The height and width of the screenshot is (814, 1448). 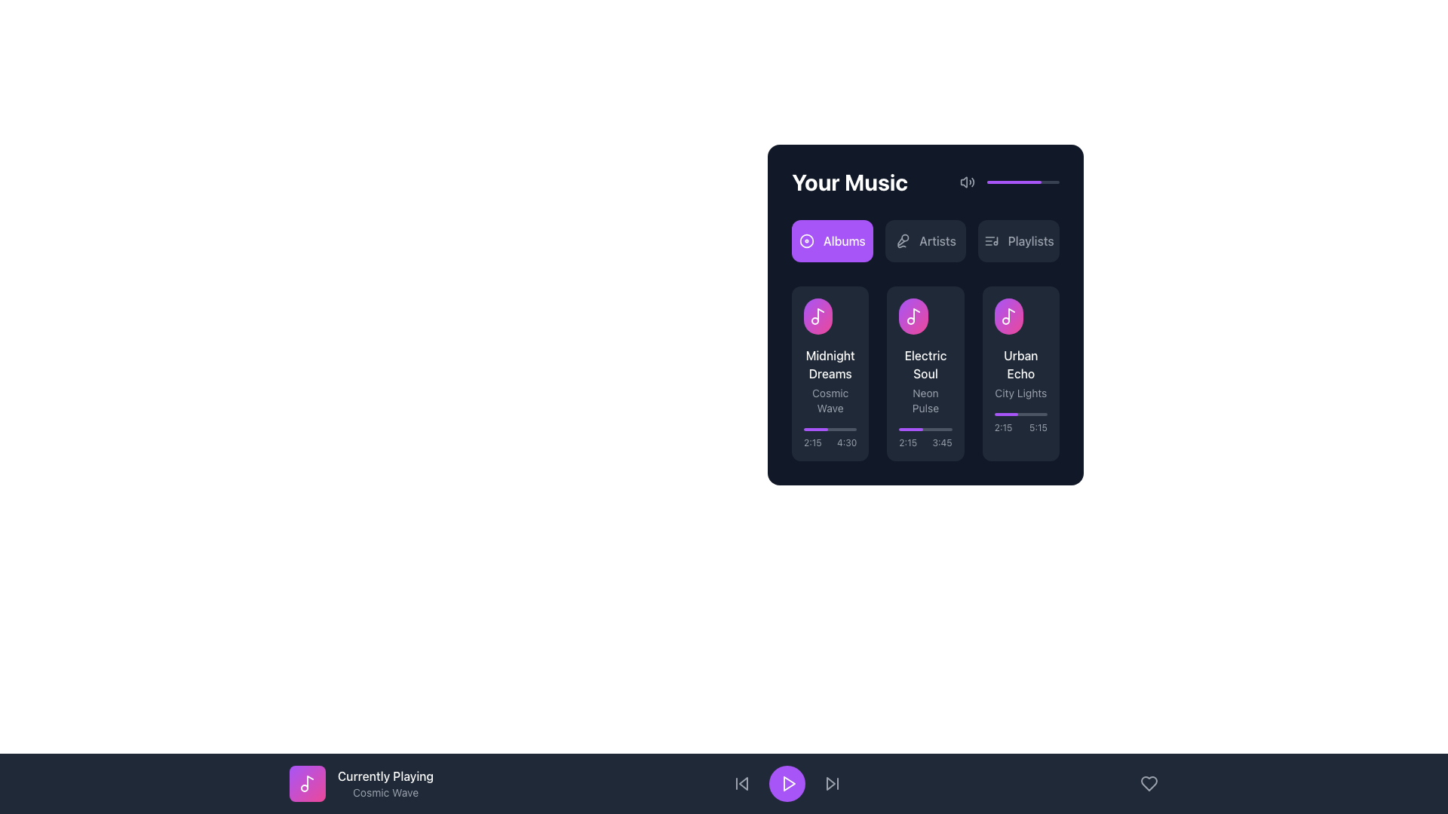 What do you see at coordinates (925, 240) in the screenshot?
I see `the navigation button group located in the 'Your Music' section, which includes the buttons labeled 'Albums,' 'Artists,' and 'Playlists.'` at bounding box center [925, 240].